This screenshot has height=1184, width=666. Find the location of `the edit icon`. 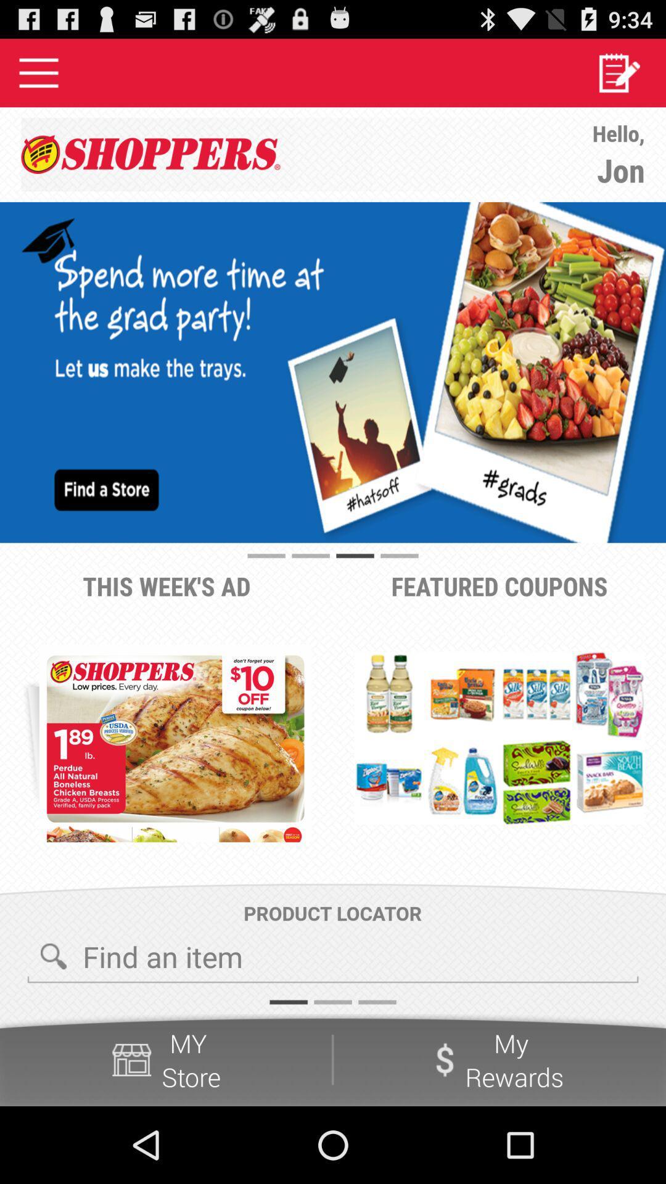

the edit icon is located at coordinates (619, 77).